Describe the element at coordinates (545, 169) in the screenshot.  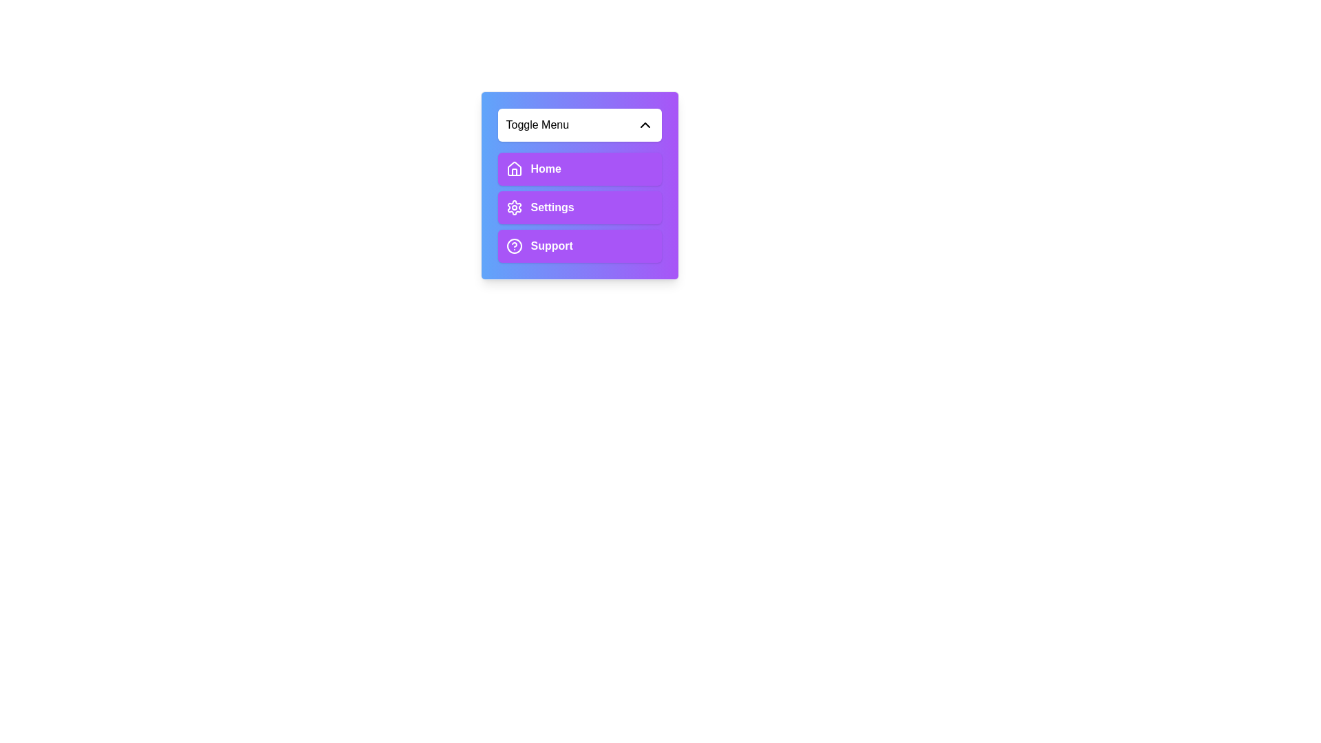
I see `the 'Home' text label, which is in bold white text on a purple background, located in the first purple tab beneath the 'Toggle Menu' dropdown` at that location.